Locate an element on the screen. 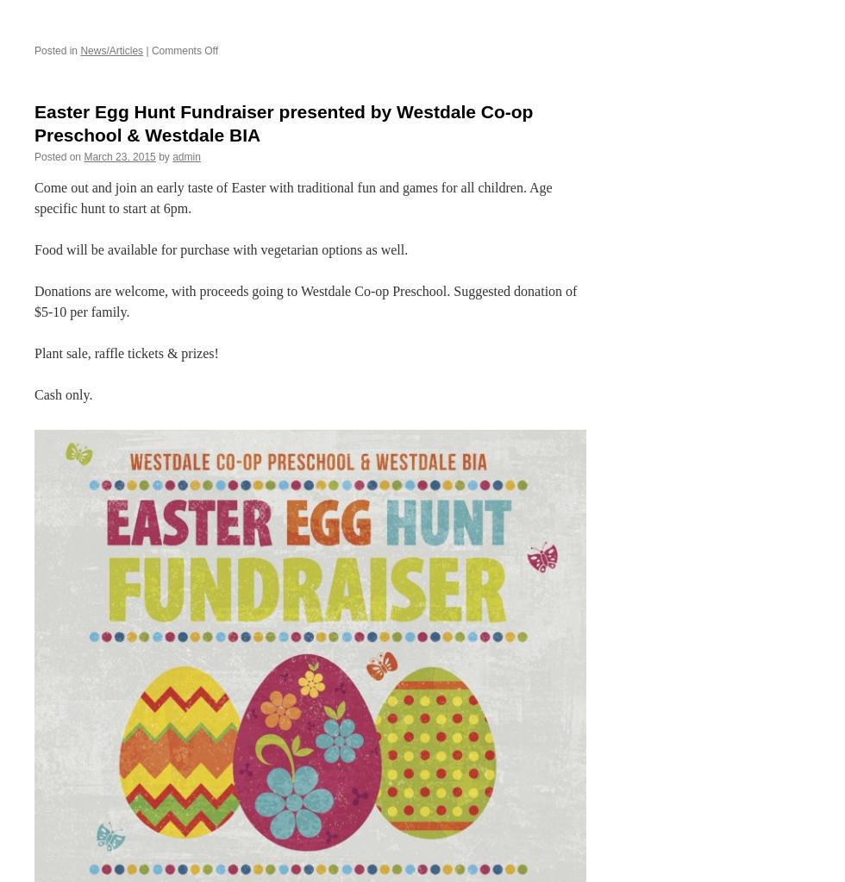 This screenshot has width=845, height=882. 'admin' is located at coordinates (185, 156).